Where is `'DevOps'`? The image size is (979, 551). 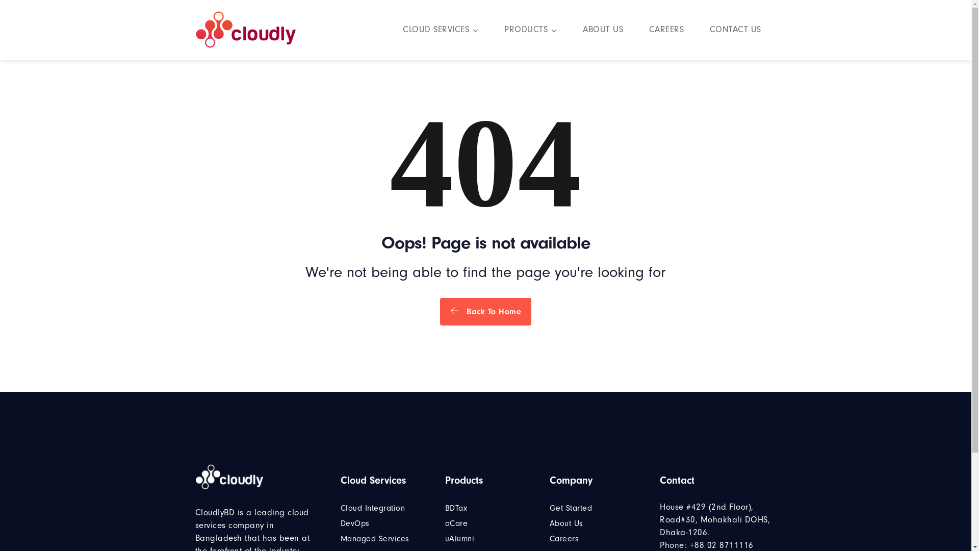 'DevOps' is located at coordinates (355, 523).